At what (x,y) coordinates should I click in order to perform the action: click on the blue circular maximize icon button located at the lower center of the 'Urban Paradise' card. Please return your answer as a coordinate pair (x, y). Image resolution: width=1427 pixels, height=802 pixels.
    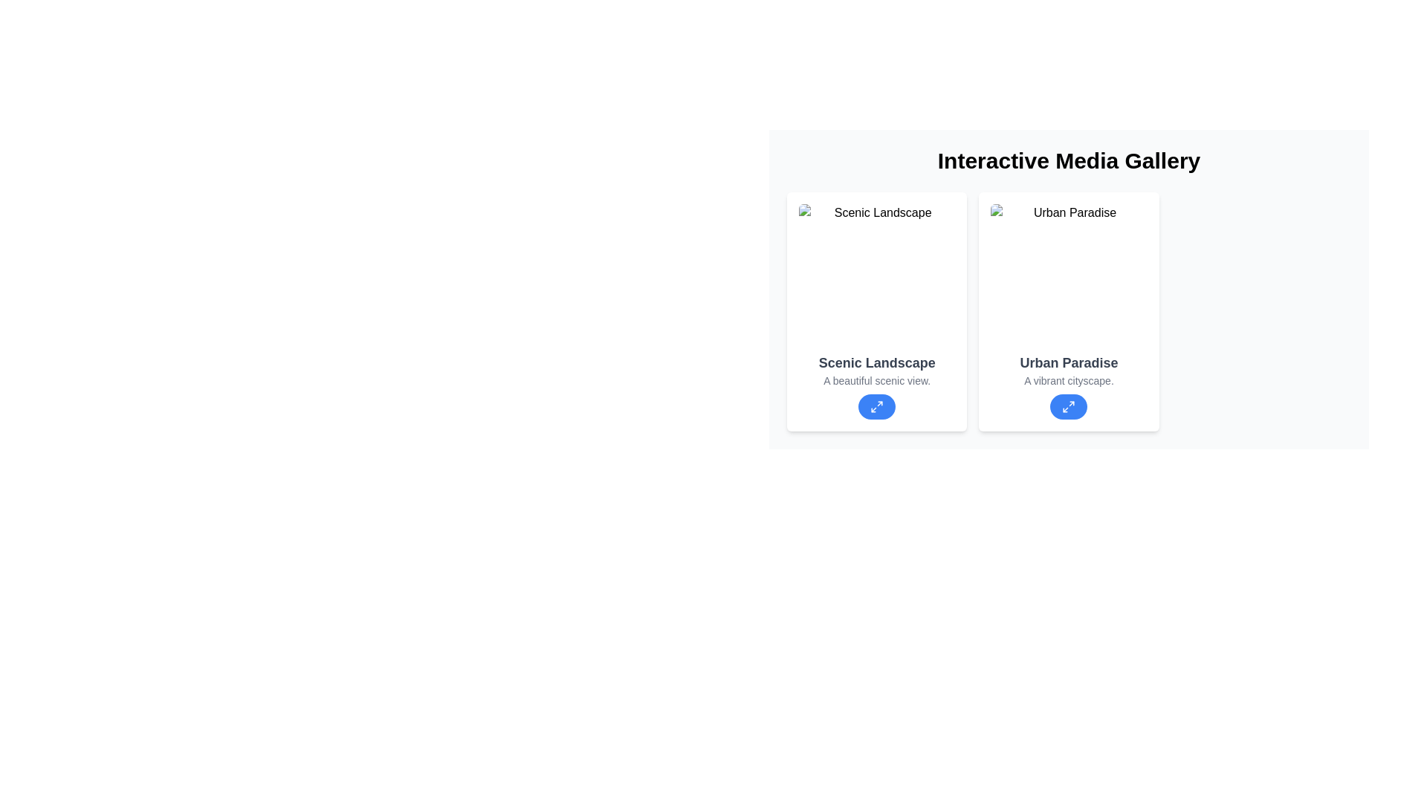
    Looking at the image, I should click on (1068, 406).